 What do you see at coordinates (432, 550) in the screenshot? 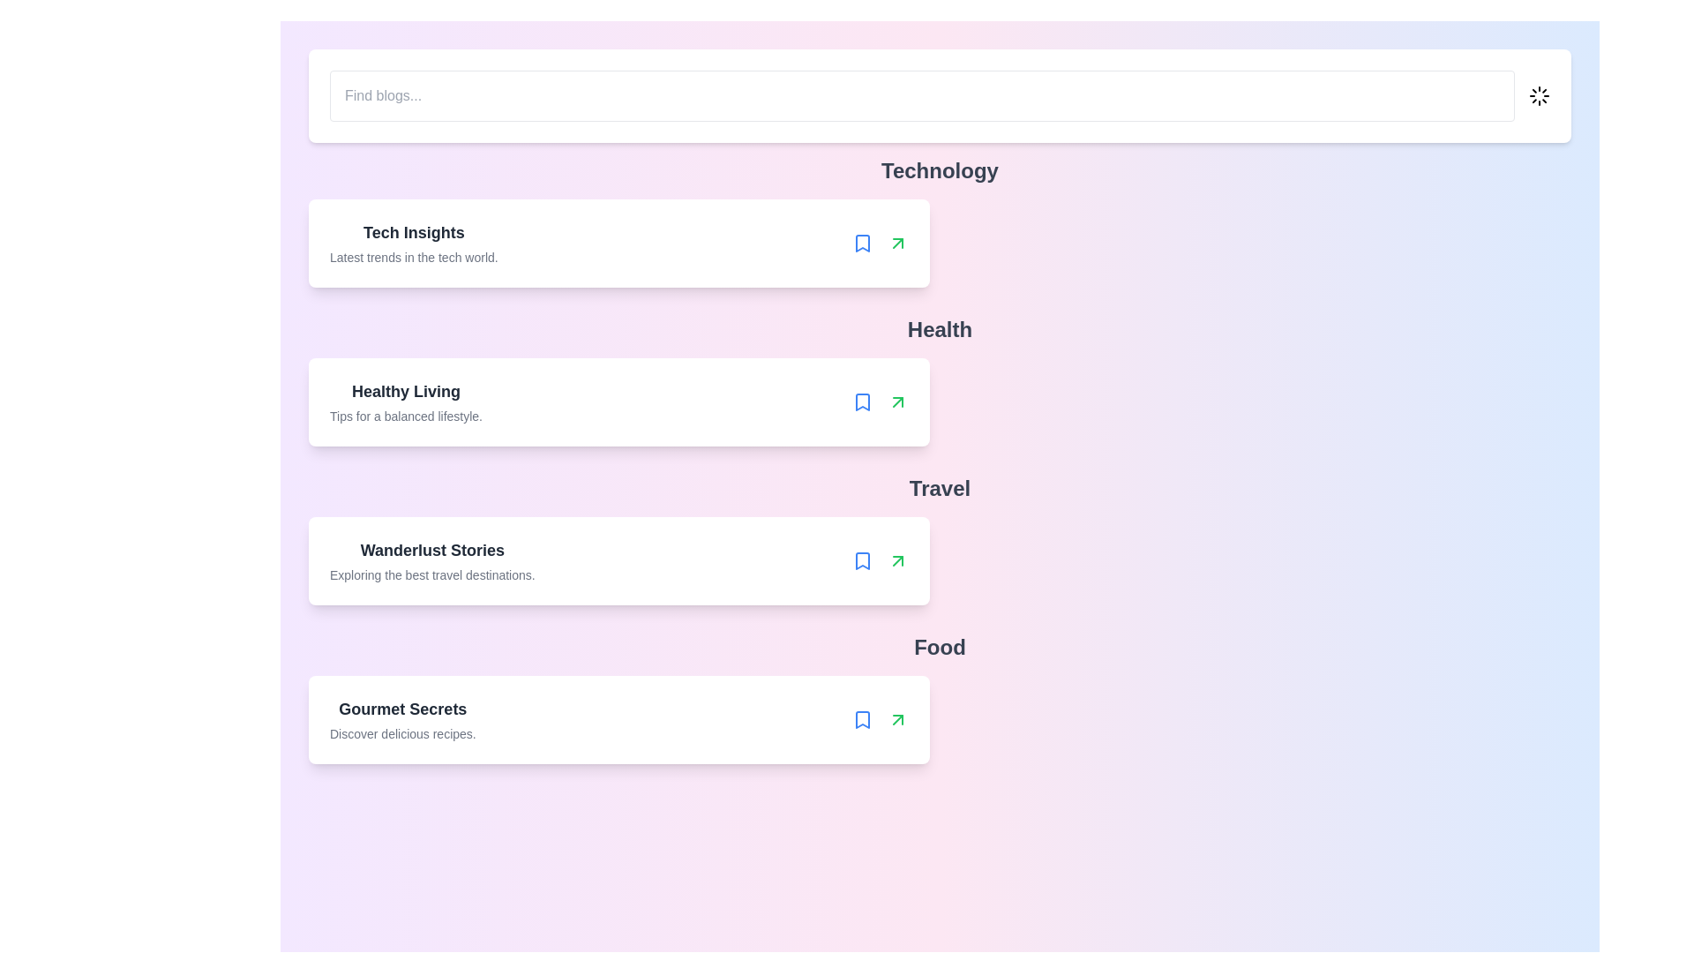
I see `title text located in the 'Travel' section, which is positioned between the 'Healthy Living' section above and the 'Gourmet Secrets' section below` at bounding box center [432, 550].